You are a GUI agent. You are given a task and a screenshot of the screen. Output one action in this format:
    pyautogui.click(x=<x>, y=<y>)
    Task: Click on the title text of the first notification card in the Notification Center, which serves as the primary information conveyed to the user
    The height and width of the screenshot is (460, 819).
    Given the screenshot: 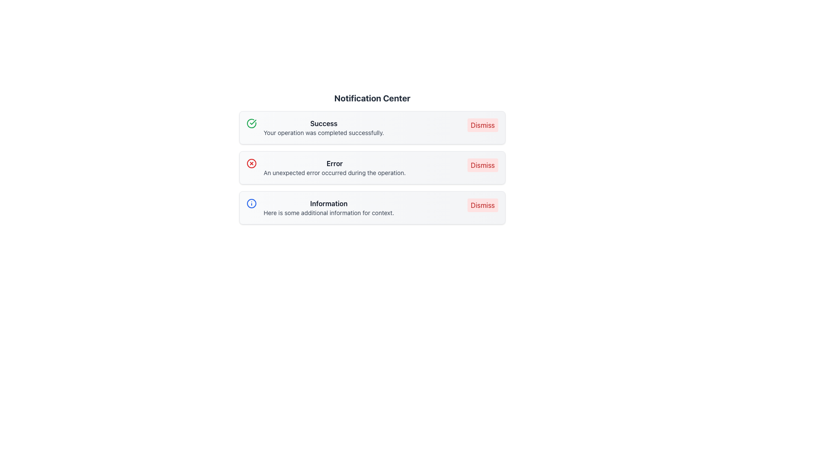 What is the action you would take?
    pyautogui.click(x=323, y=123)
    